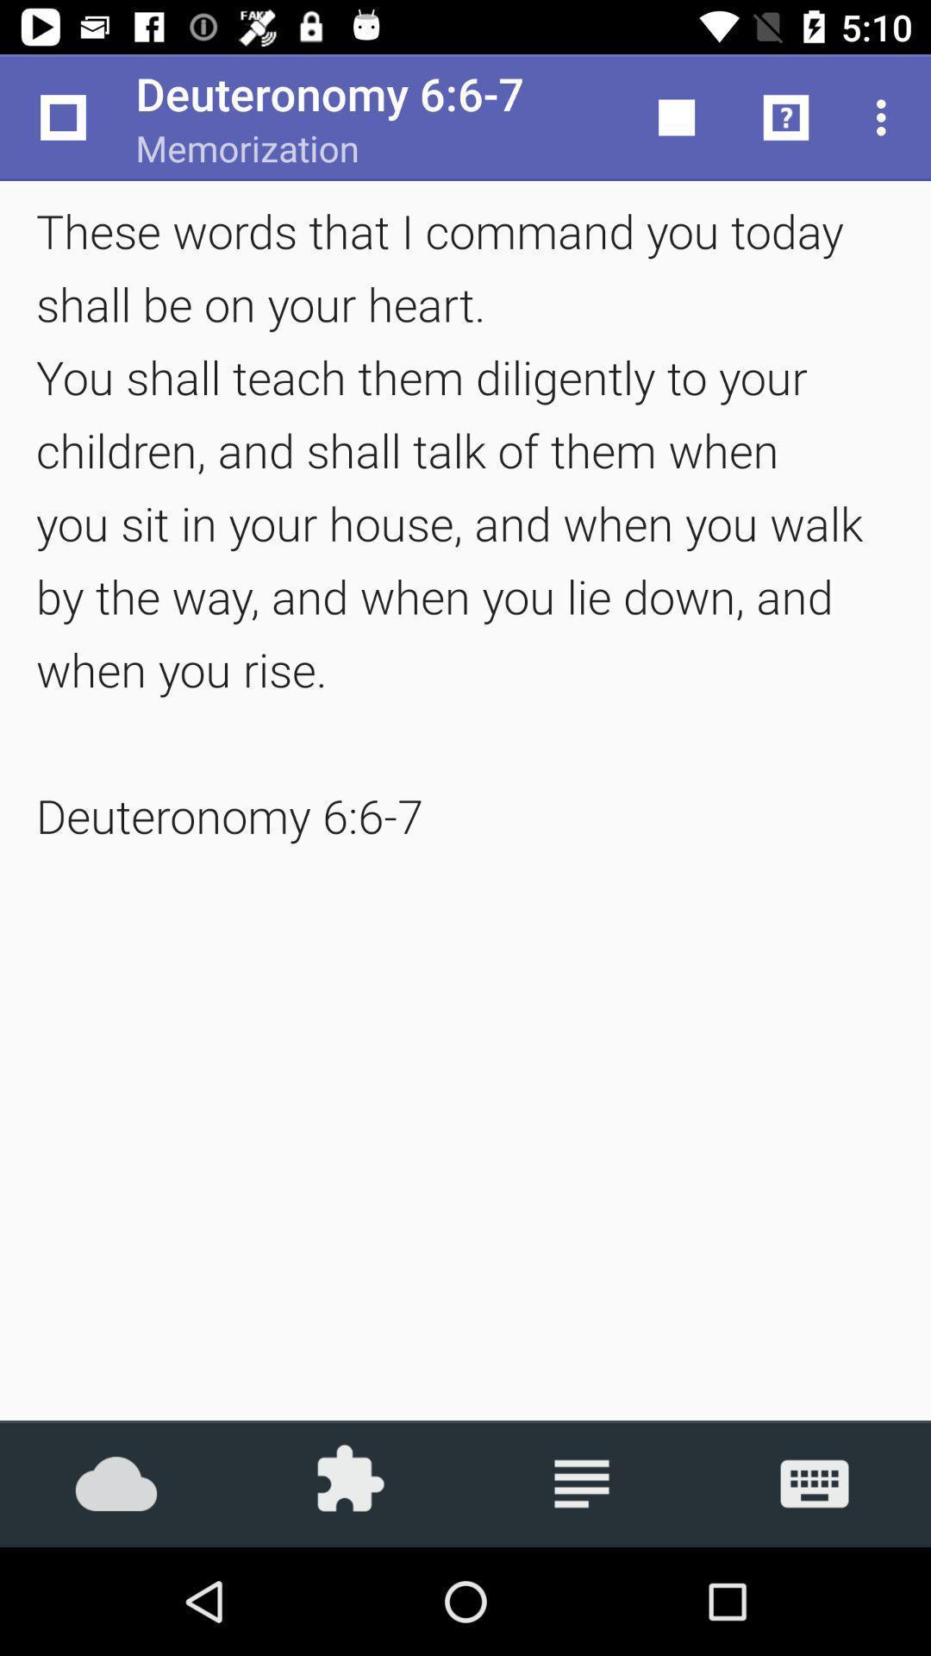 The image size is (931, 1656). I want to click on the icon at the bottom right corner, so click(815, 1483).